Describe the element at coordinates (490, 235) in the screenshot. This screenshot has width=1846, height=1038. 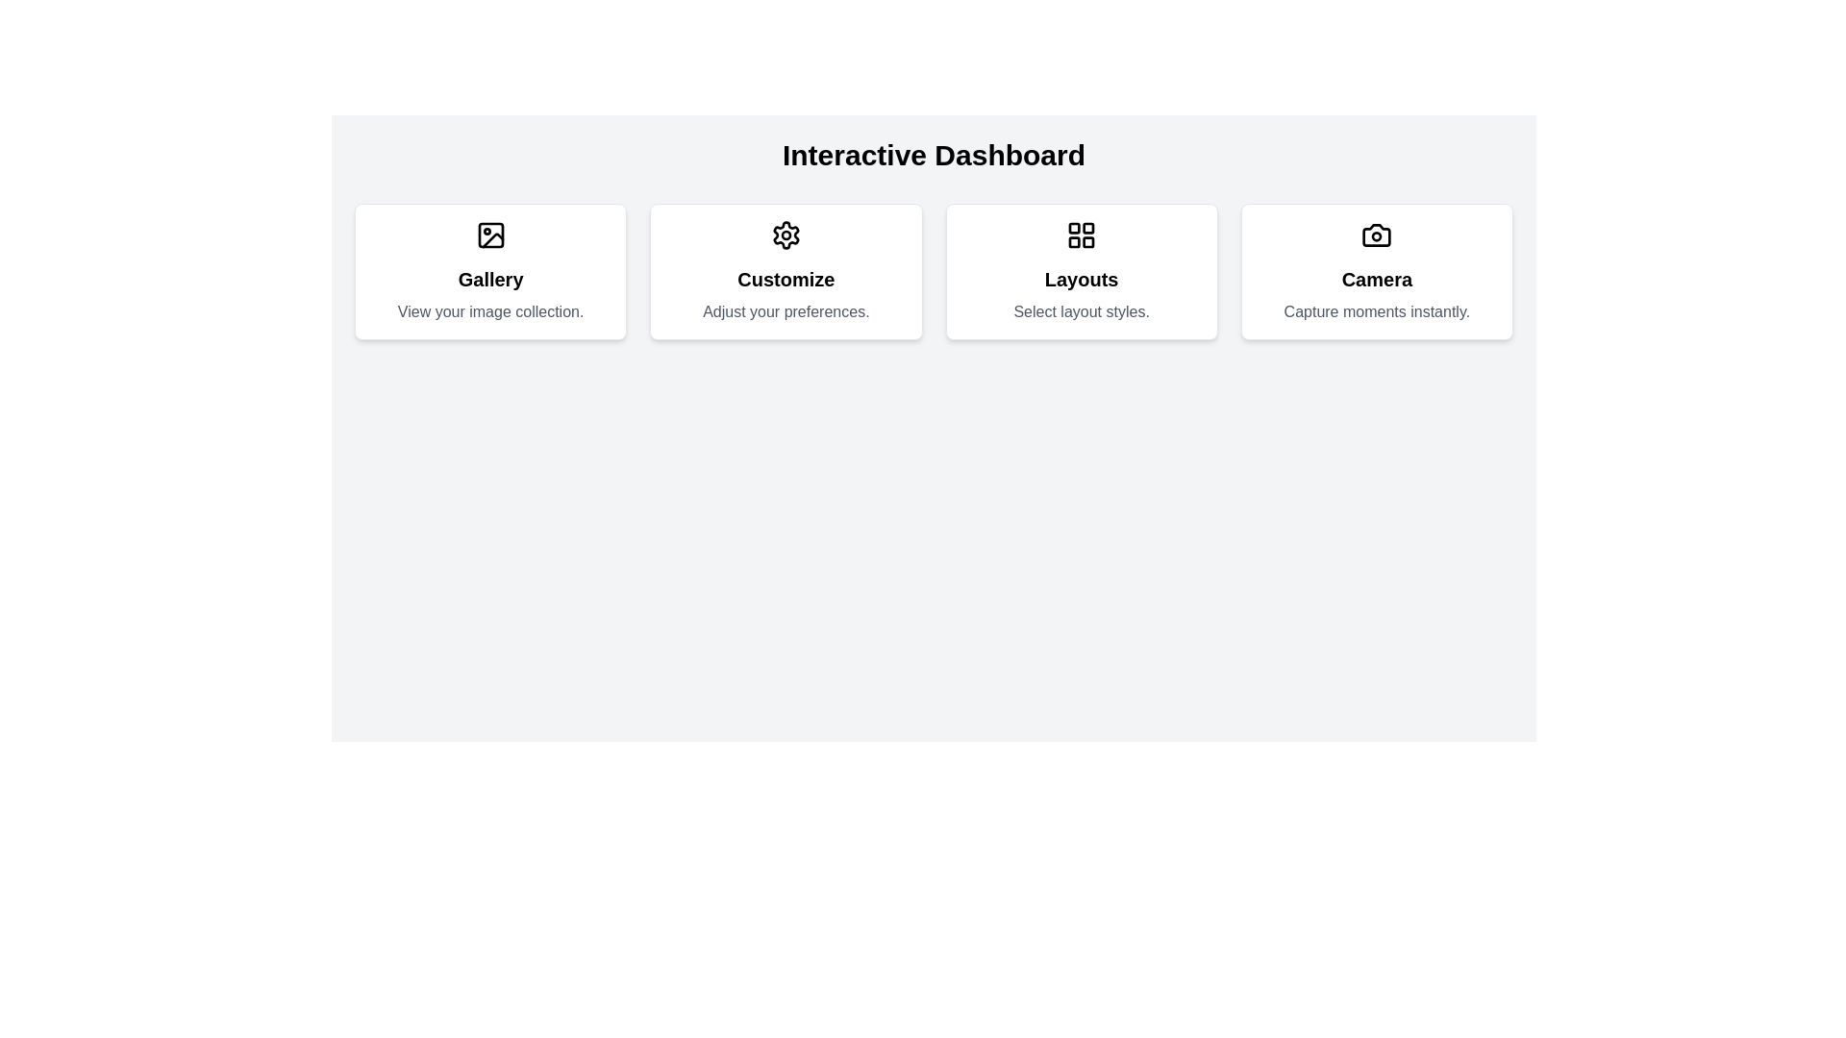
I see `the Image icon located at the top center of the 'Gallery' card, which features a rectangular frame with a mountain-like shape and a circular sun or moon` at that location.